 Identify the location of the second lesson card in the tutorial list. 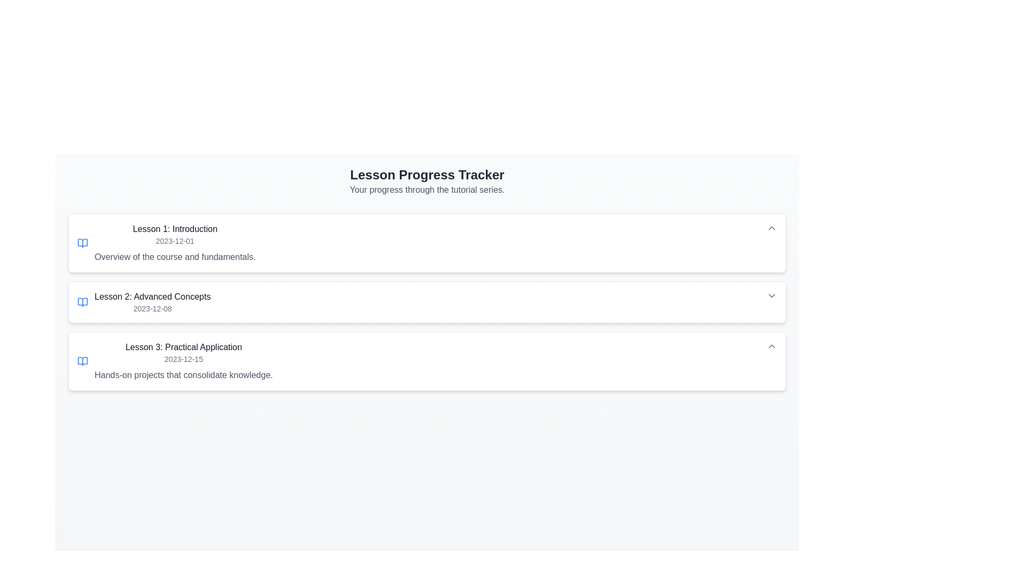
(427, 302).